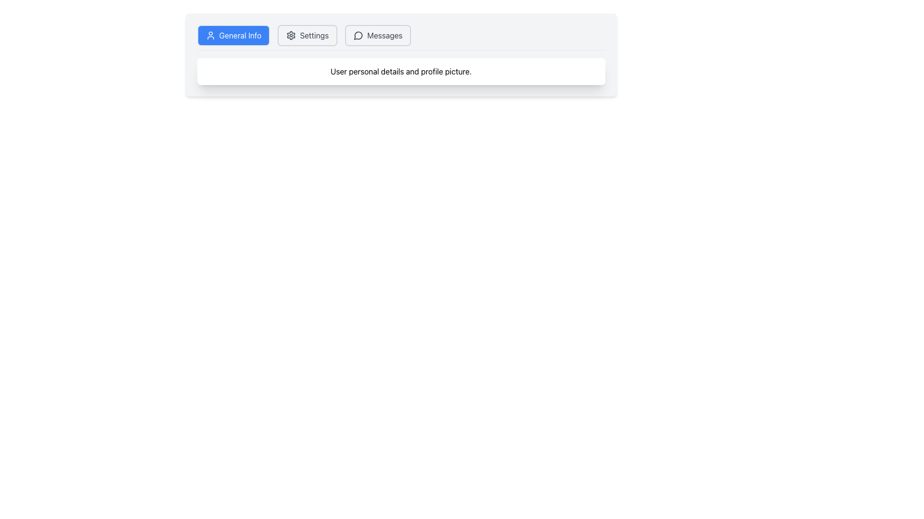 This screenshot has width=924, height=519. I want to click on the 'General Info' label within the first button in the horizontal navigation bar at the top of the interface, so click(240, 35).